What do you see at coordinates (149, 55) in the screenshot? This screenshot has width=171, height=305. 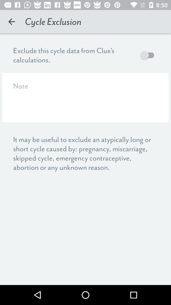 I see `exclude data` at bounding box center [149, 55].